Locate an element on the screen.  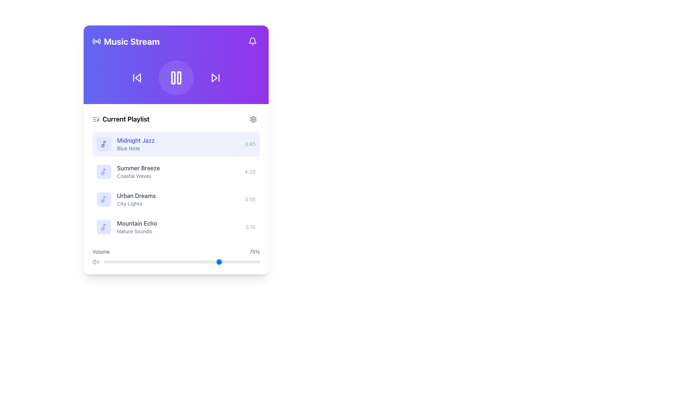
the indigo musical note icon in the 'Current Playlist' section, associated with the song 'Urban Dreams' is located at coordinates (104, 199).